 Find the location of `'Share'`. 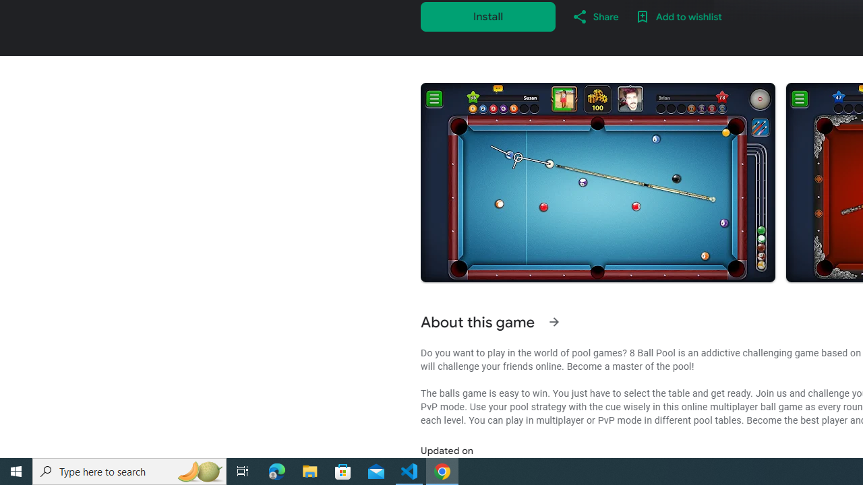

'Share' is located at coordinates (593, 16).